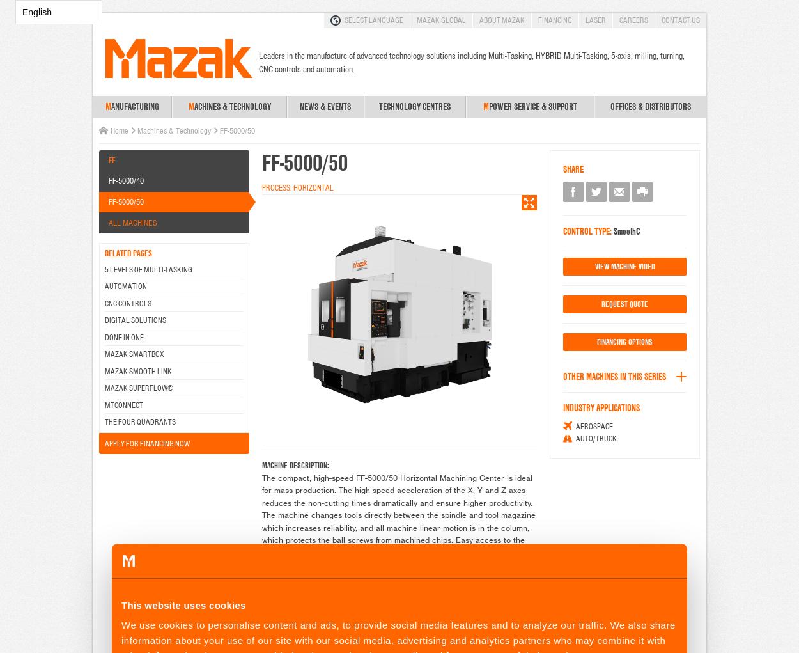 The image size is (799, 653). What do you see at coordinates (343, 613) in the screenshot?
I see `'Compact design for reduced footprint'` at bounding box center [343, 613].